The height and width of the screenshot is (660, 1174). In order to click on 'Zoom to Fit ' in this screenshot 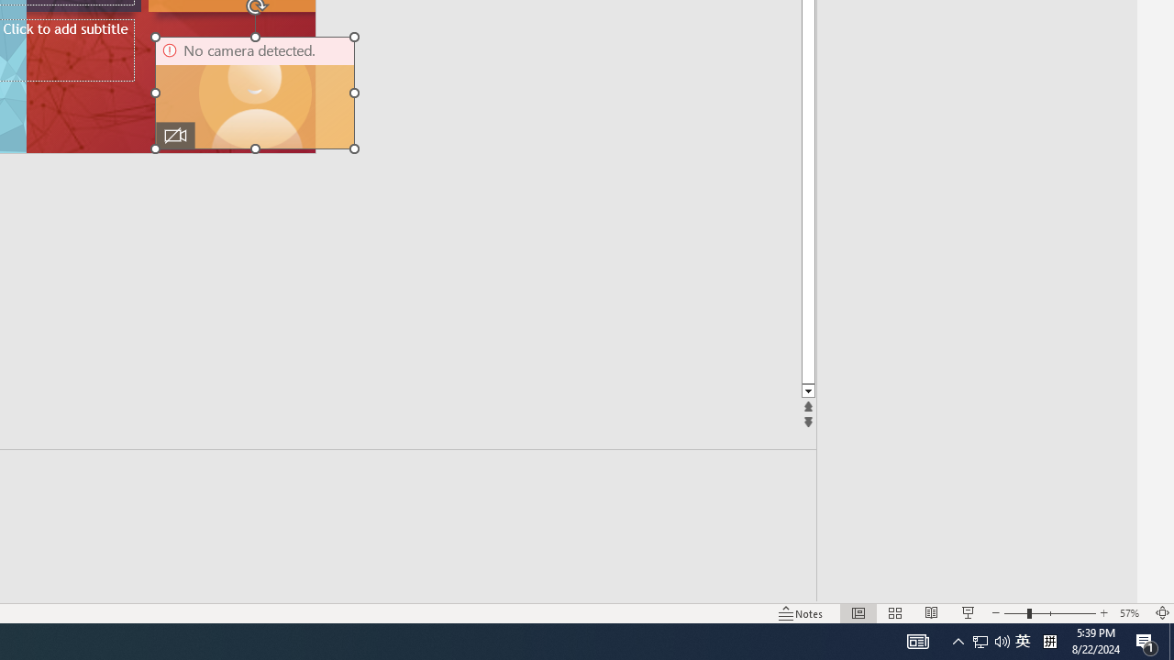, I will do `click(1161, 613)`.